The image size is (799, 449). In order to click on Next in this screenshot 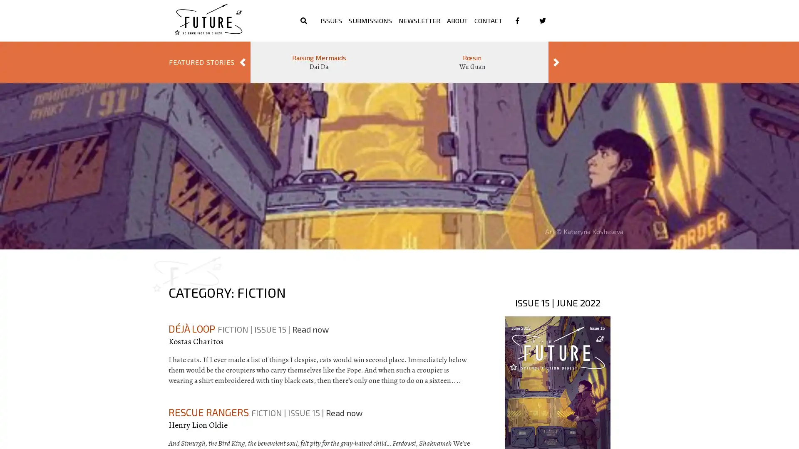, I will do `click(556, 62)`.